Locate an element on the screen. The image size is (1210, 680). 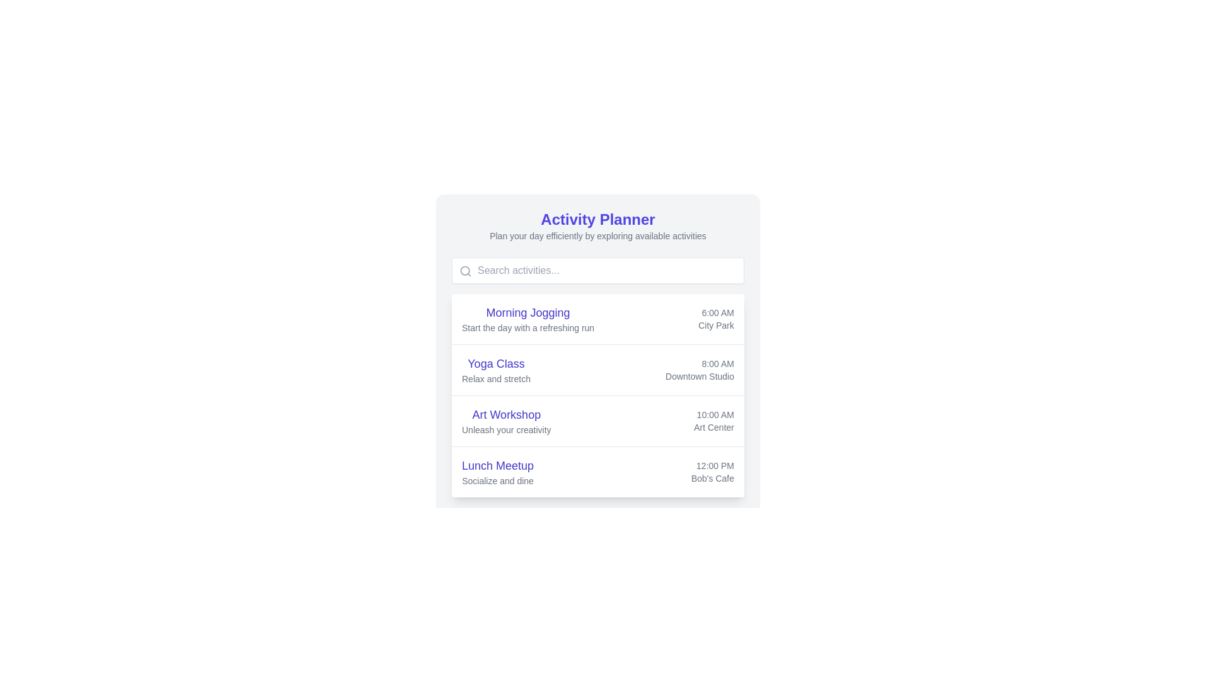
the text display showing '8:00 AM' and 'Downtown Studio' is located at coordinates (699, 369).